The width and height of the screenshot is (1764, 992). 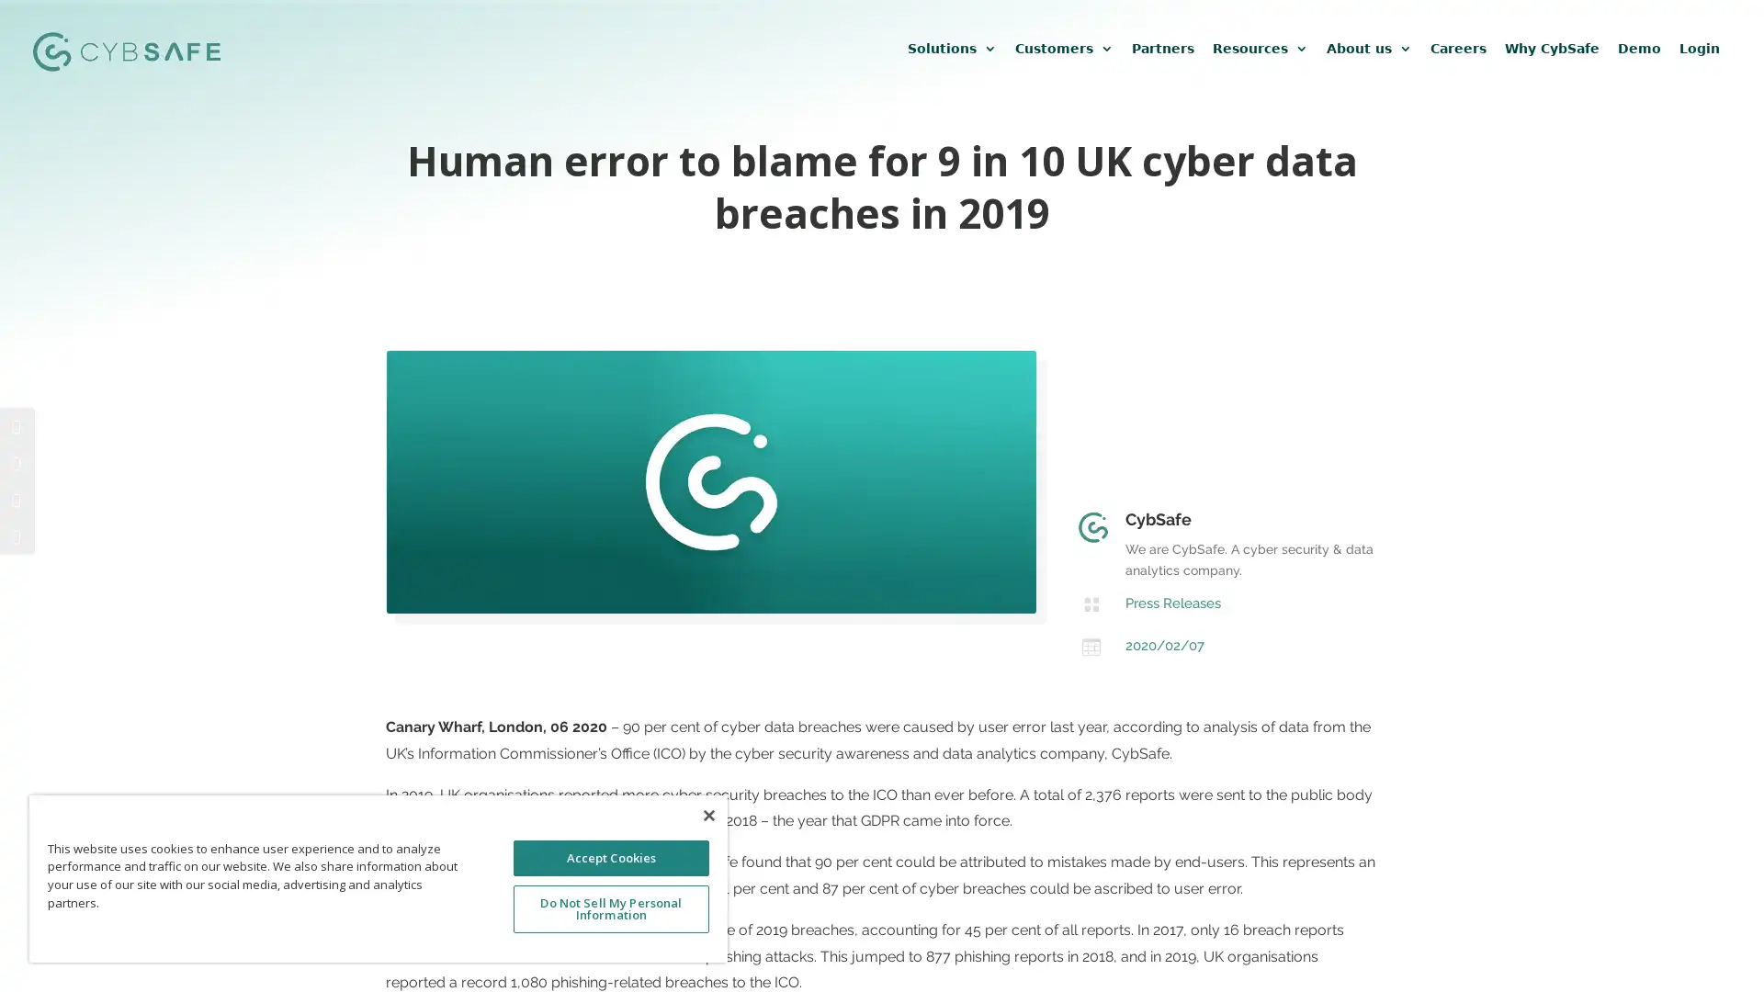 I want to click on Close, so click(x=707, y=814).